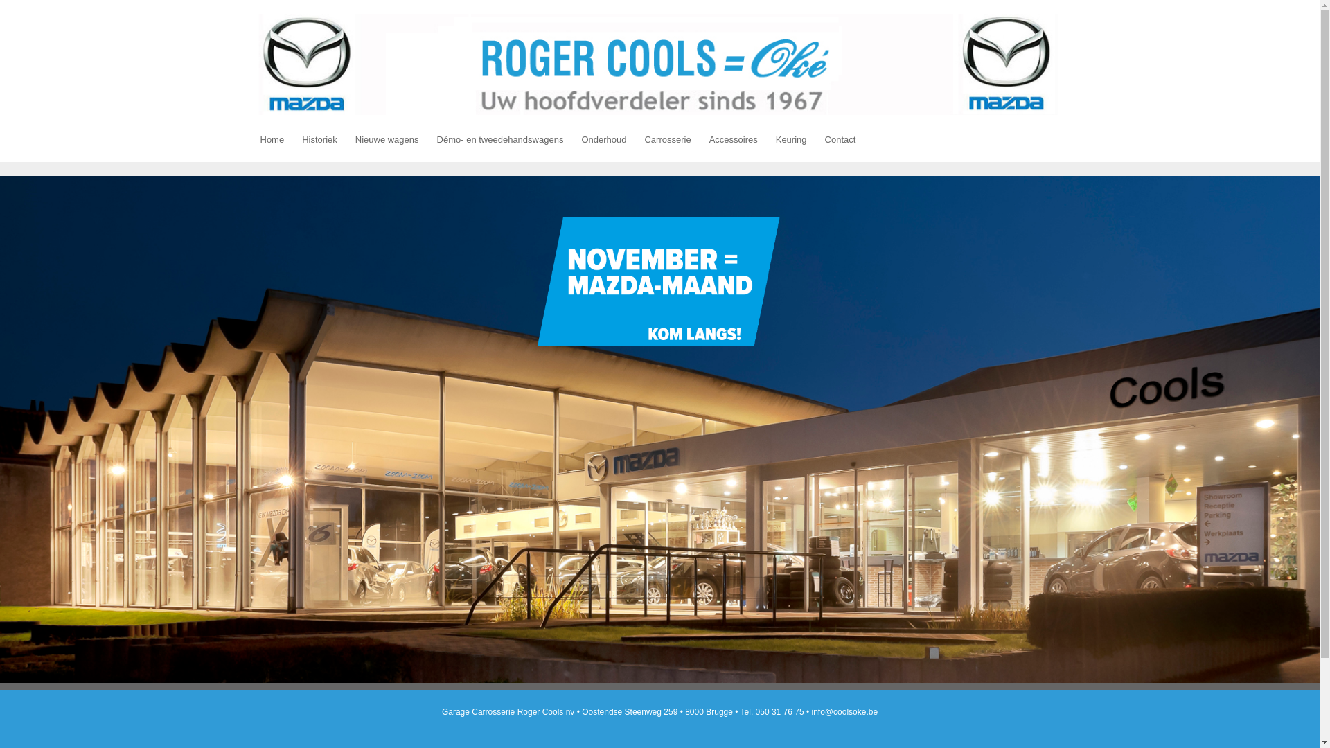  What do you see at coordinates (658, 64) in the screenshot?
I see `'Home'` at bounding box center [658, 64].